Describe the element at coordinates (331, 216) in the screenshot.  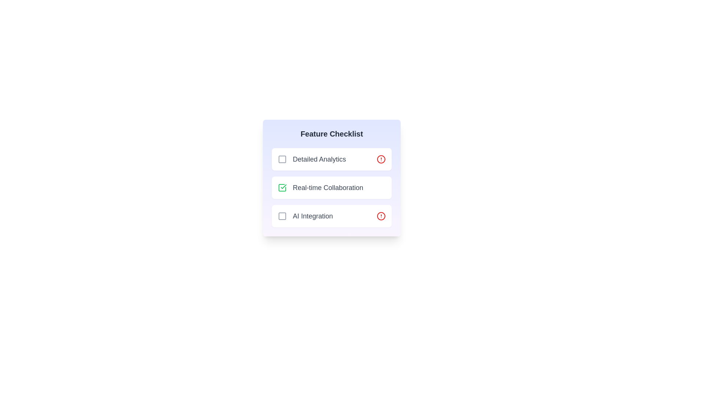
I see `the checklist item AI Integration to observe its hover effect` at that location.